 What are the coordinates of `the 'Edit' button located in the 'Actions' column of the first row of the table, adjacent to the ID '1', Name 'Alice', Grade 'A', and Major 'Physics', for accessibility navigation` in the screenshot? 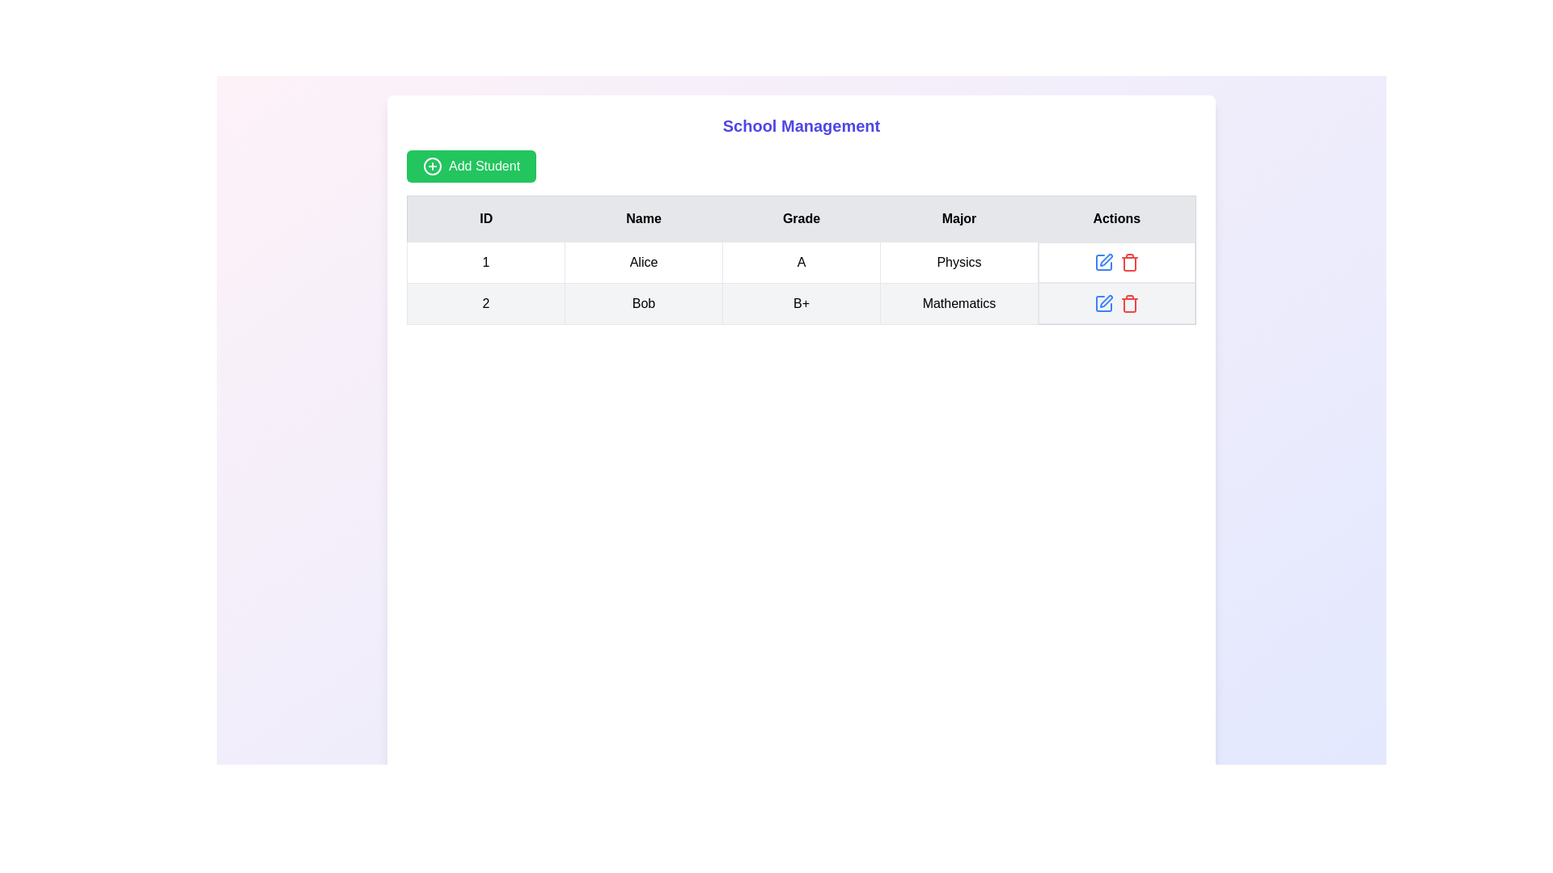 It's located at (1102, 261).